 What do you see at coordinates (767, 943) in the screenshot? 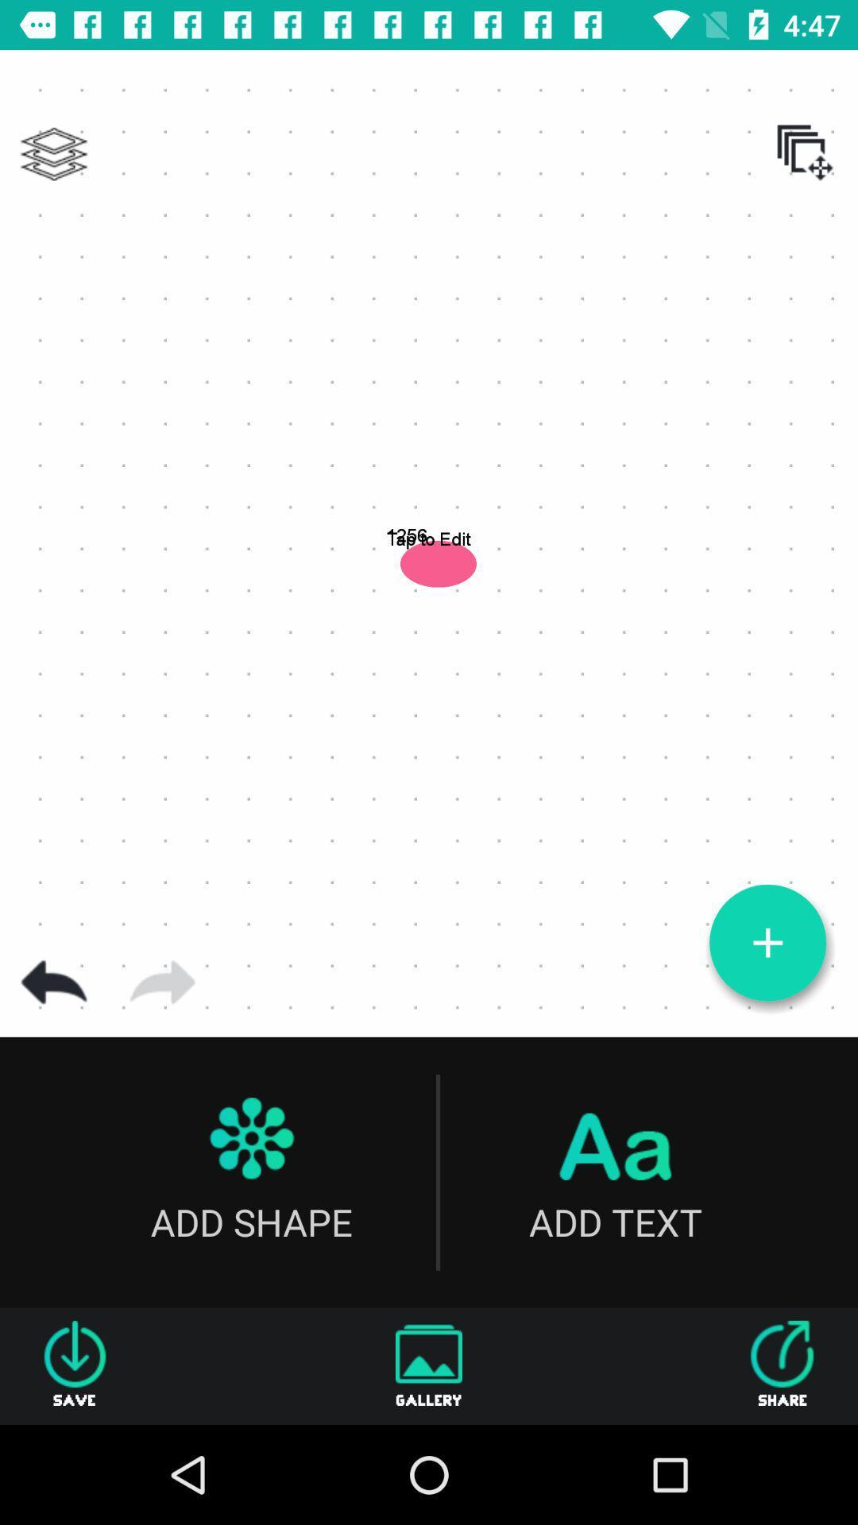
I see `zoom out` at bounding box center [767, 943].